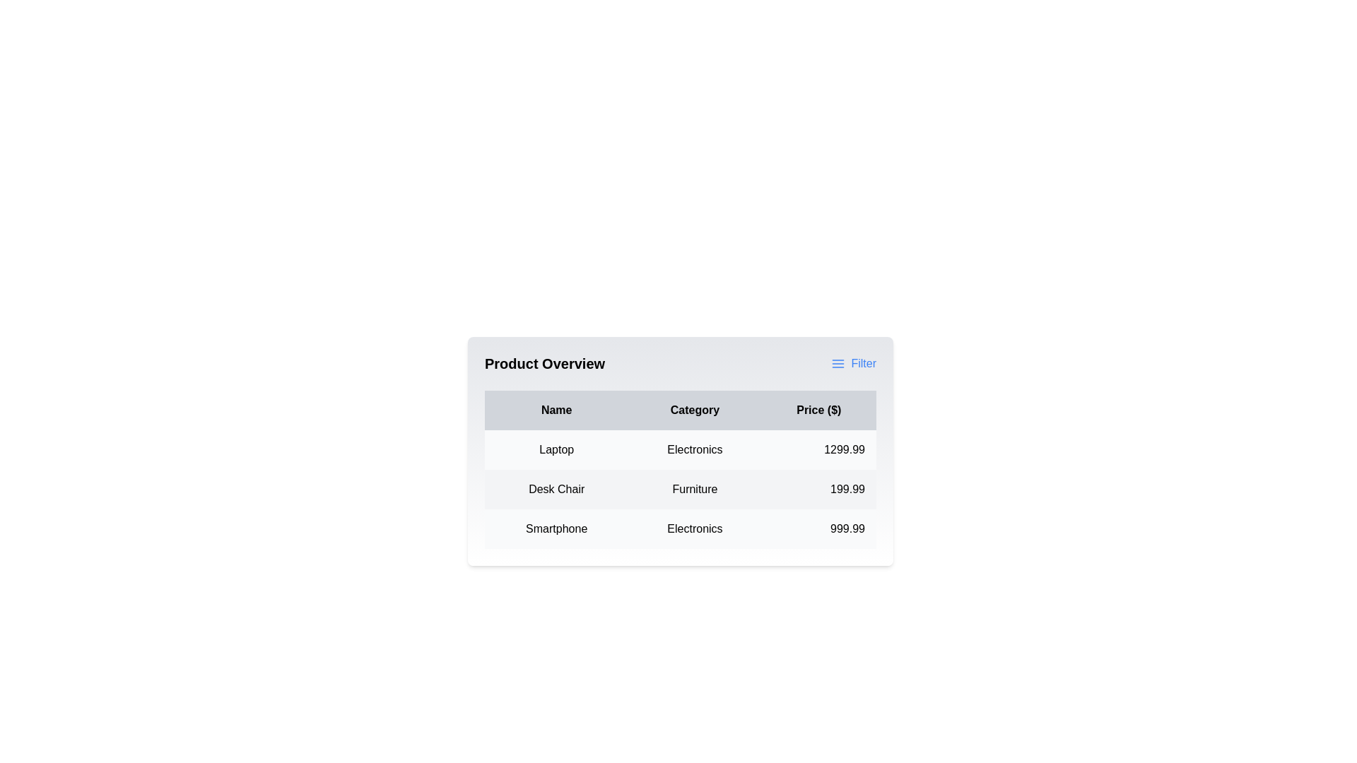  I want to click on the Text label that serves as a title for the product overview table, located on the left edge of the header section, so click(544, 363).